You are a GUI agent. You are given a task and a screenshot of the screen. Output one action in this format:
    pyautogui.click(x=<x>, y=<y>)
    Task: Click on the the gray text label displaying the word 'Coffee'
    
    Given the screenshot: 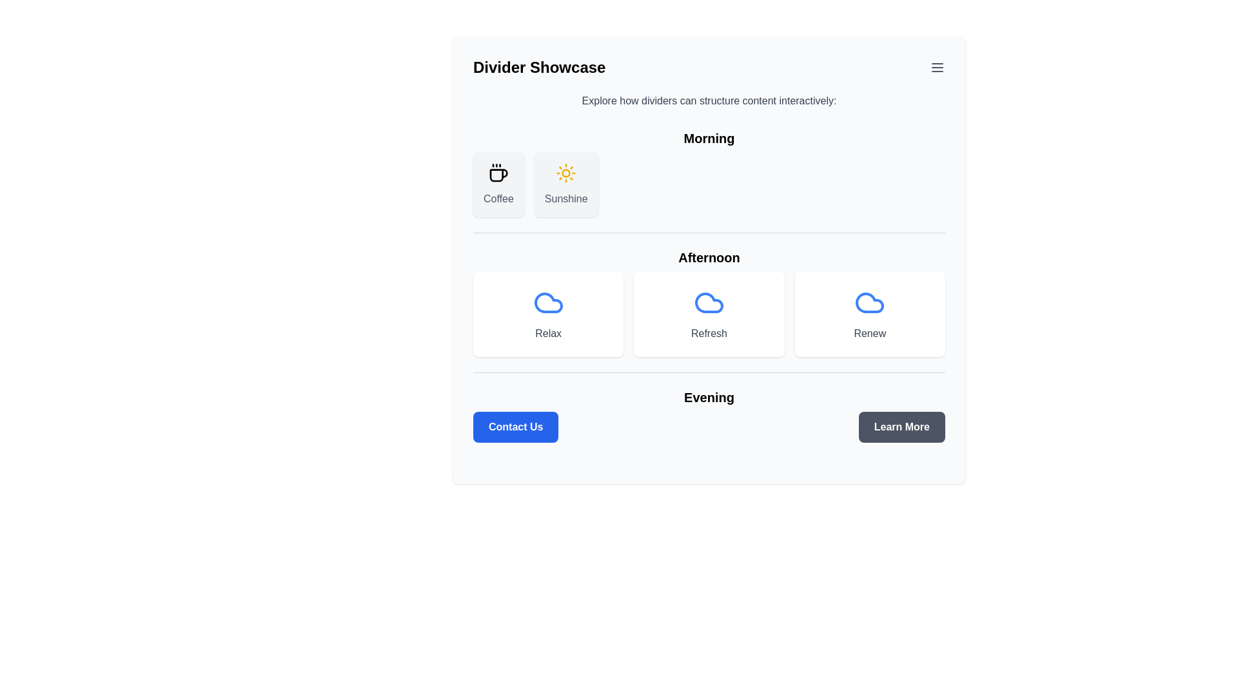 What is the action you would take?
    pyautogui.click(x=498, y=198)
    